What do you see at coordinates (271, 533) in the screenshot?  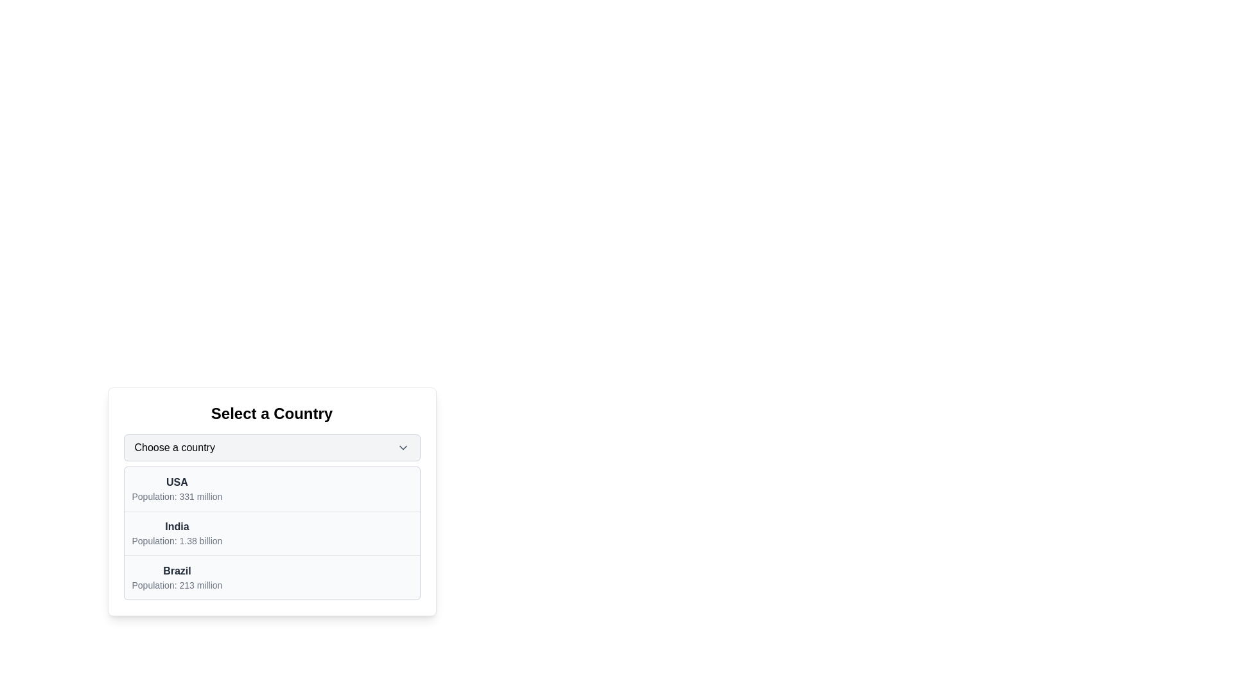 I see `the list item displaying 'India' with the population information` at bounding box center [271, 533].